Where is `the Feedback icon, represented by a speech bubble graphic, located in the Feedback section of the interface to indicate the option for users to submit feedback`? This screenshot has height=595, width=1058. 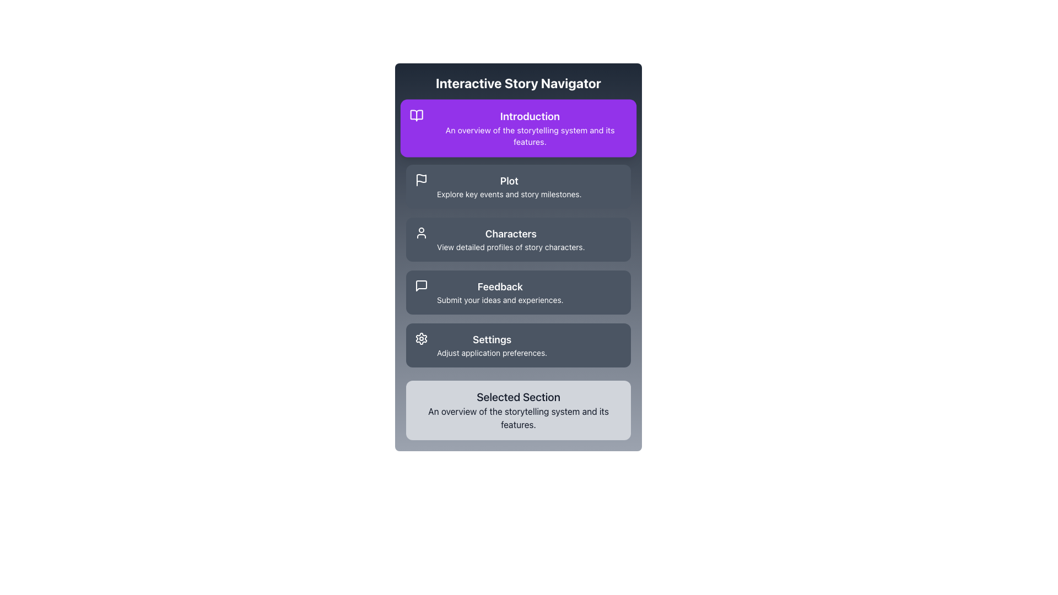 the Feedback icon, represented by a speech bubble graphic, located in the Feedback section of the interface to indicate the option for users to submit feedback is located at coordinates (420, 285).